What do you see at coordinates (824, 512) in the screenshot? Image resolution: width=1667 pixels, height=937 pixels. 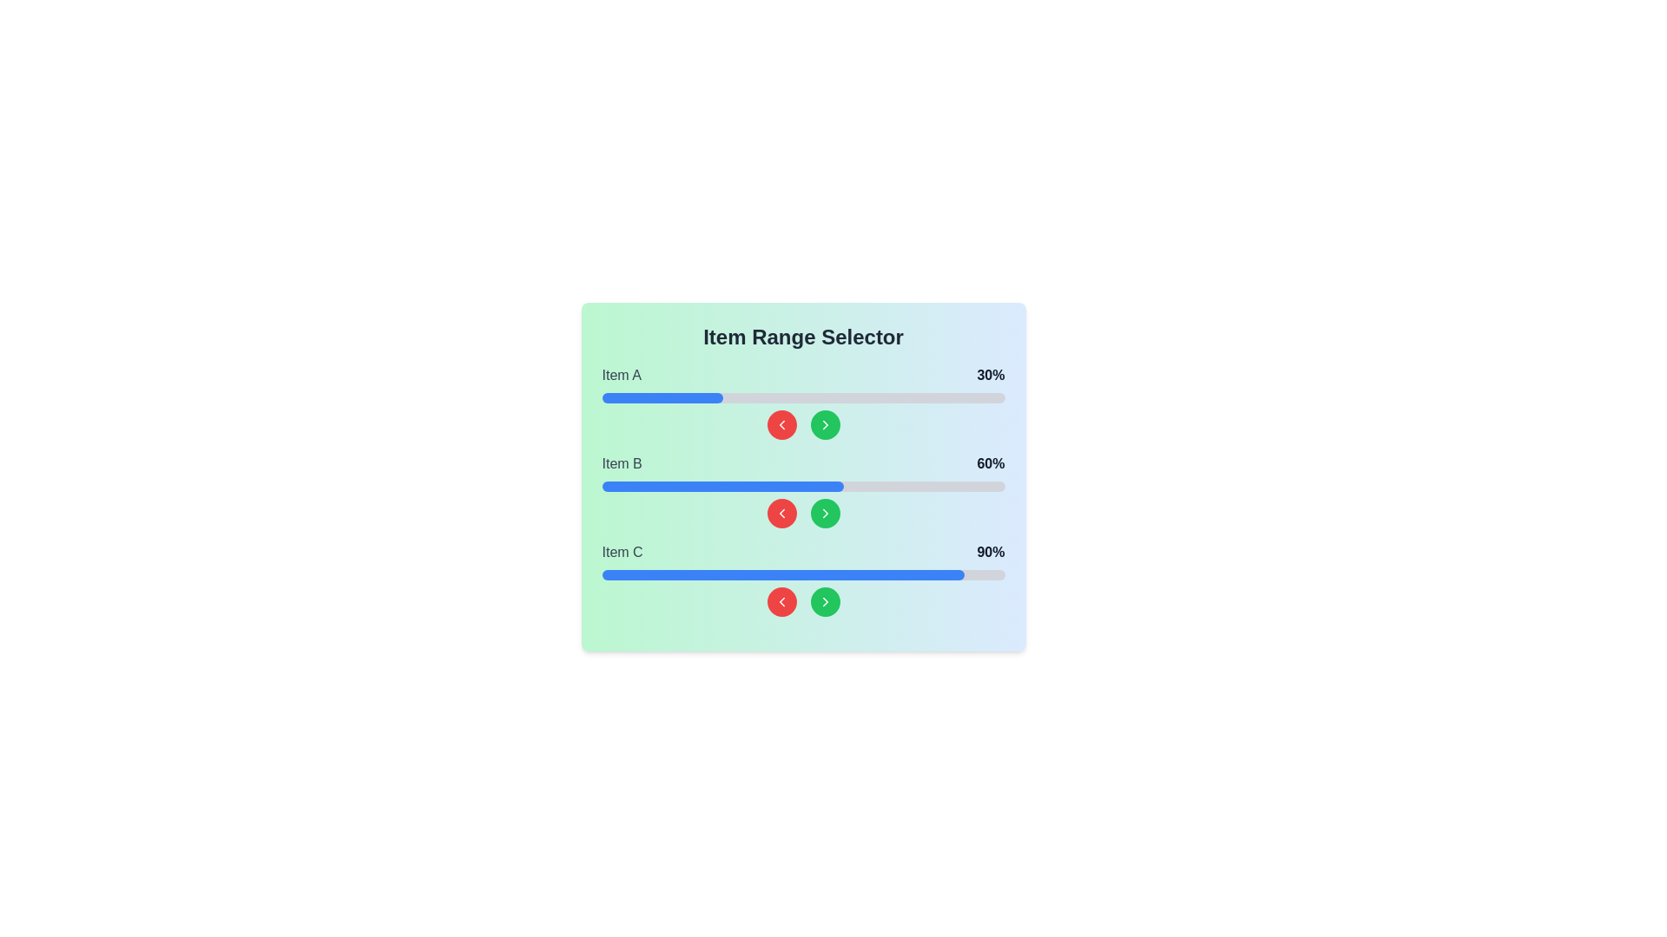 I see `the right-facing chevron button with a green circular background` at bounding box center [824, 512].